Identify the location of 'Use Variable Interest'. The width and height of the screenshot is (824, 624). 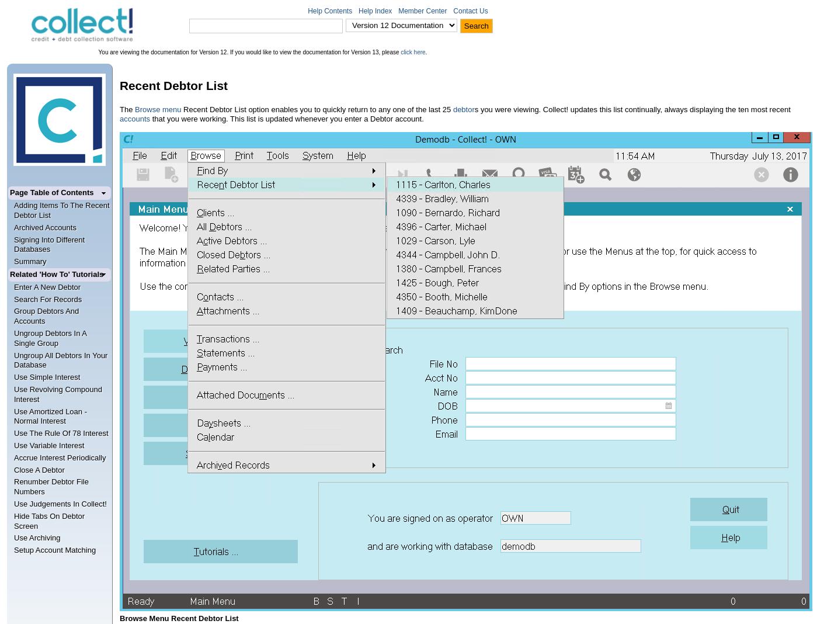
(48, 445).